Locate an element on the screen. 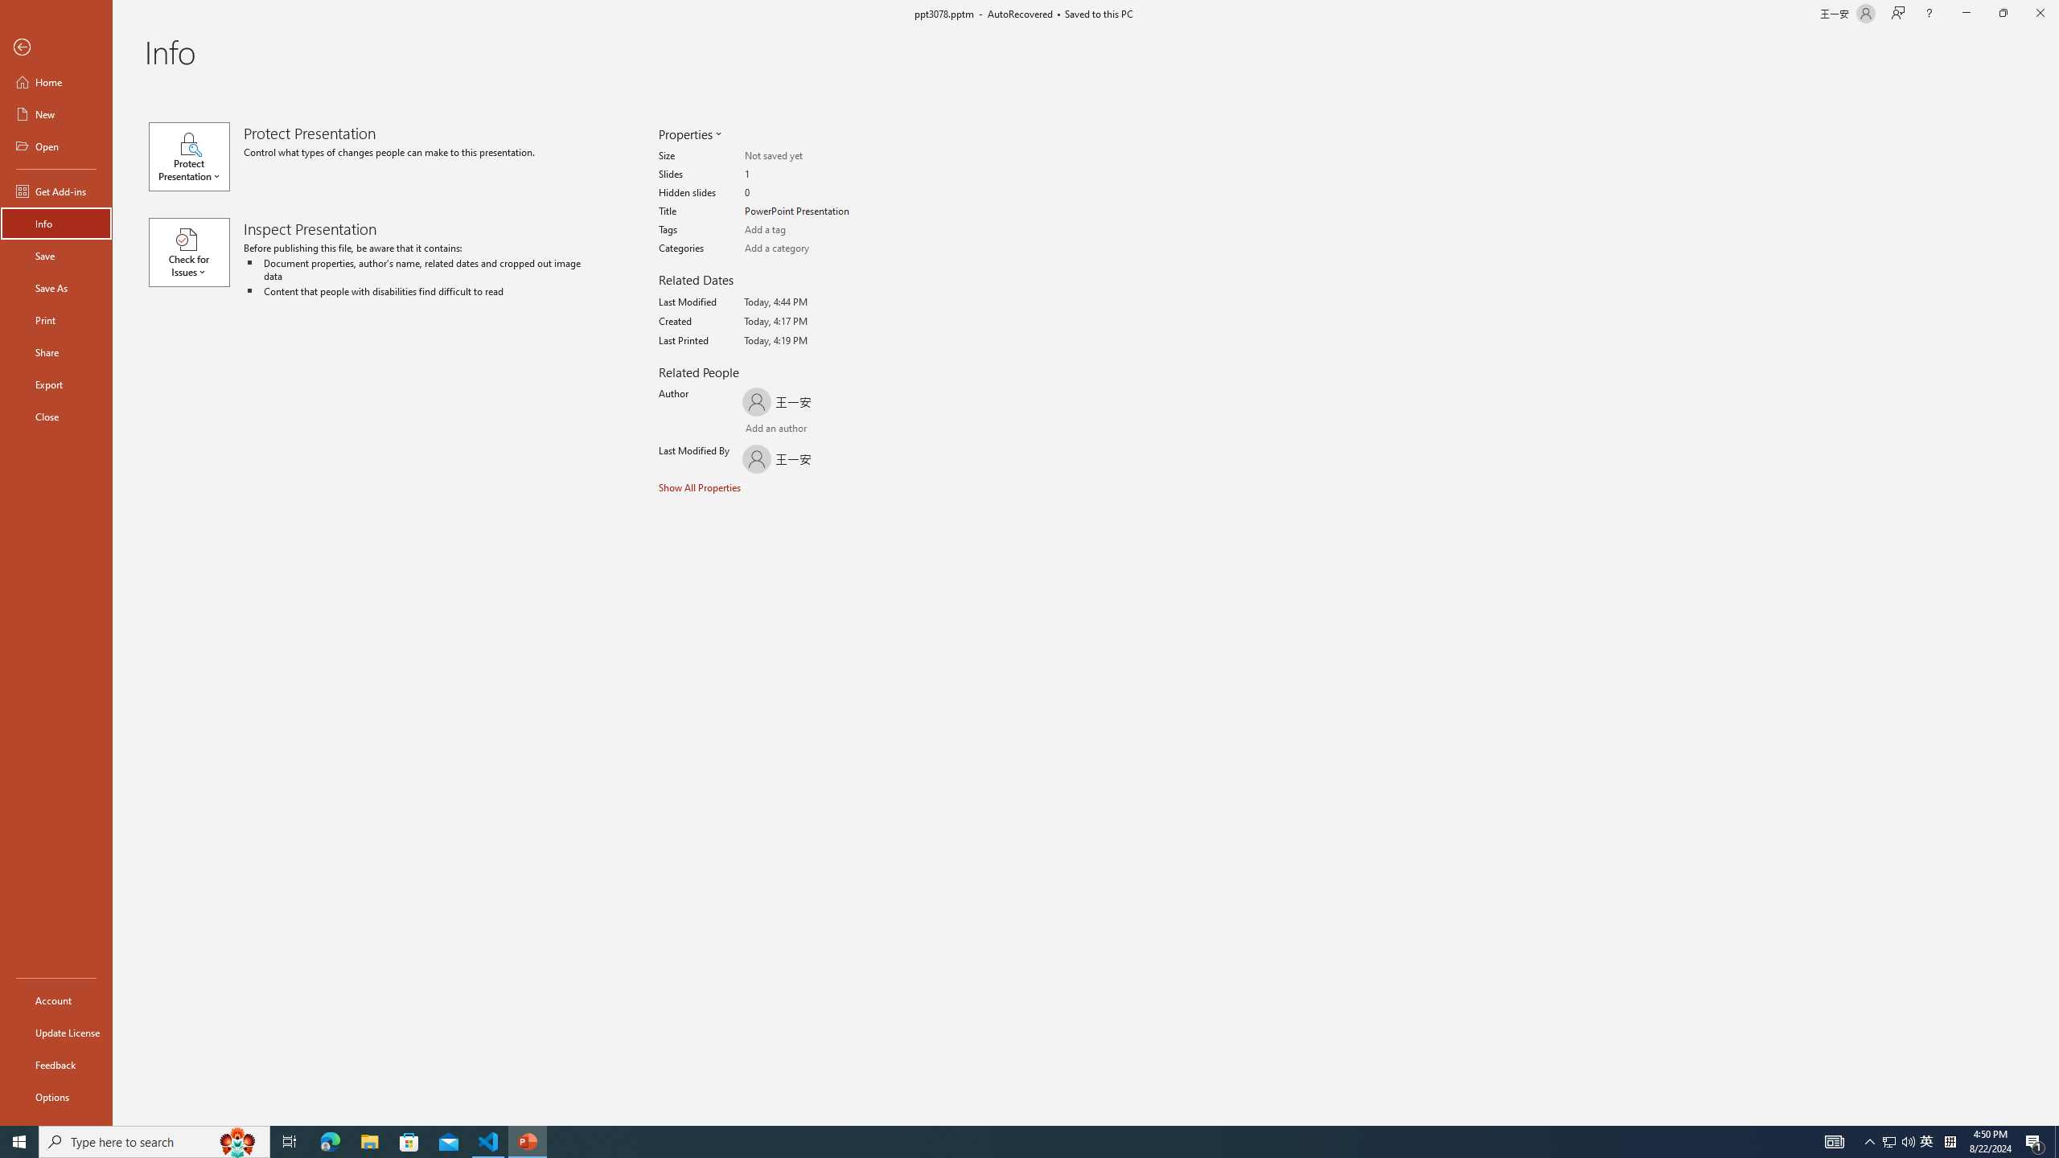 The width and height of the screenshot is (2059, 1158). 'Browse Address Book' is located at coordinates (842, 429).